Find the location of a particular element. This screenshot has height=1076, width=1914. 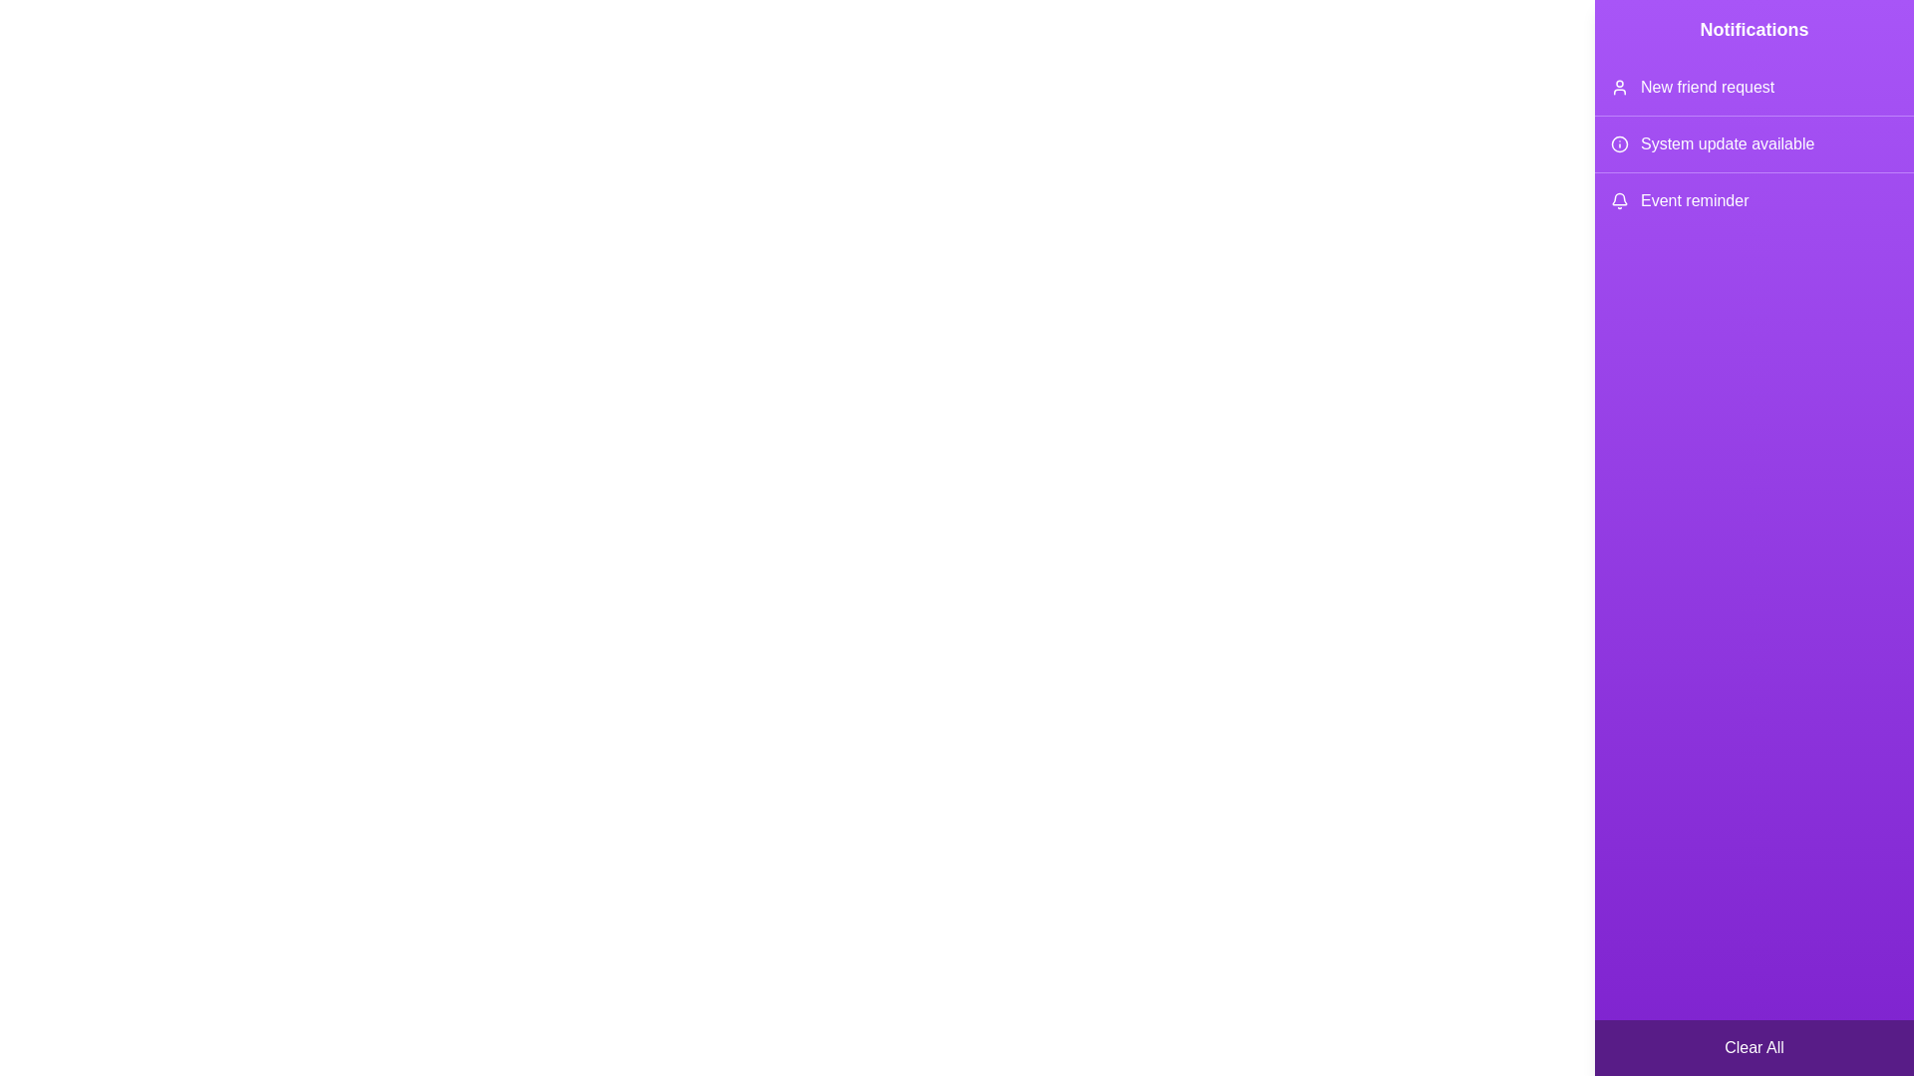

the icon corresponding to System update available in the notification drawer is located at coordinates (1620, 143).